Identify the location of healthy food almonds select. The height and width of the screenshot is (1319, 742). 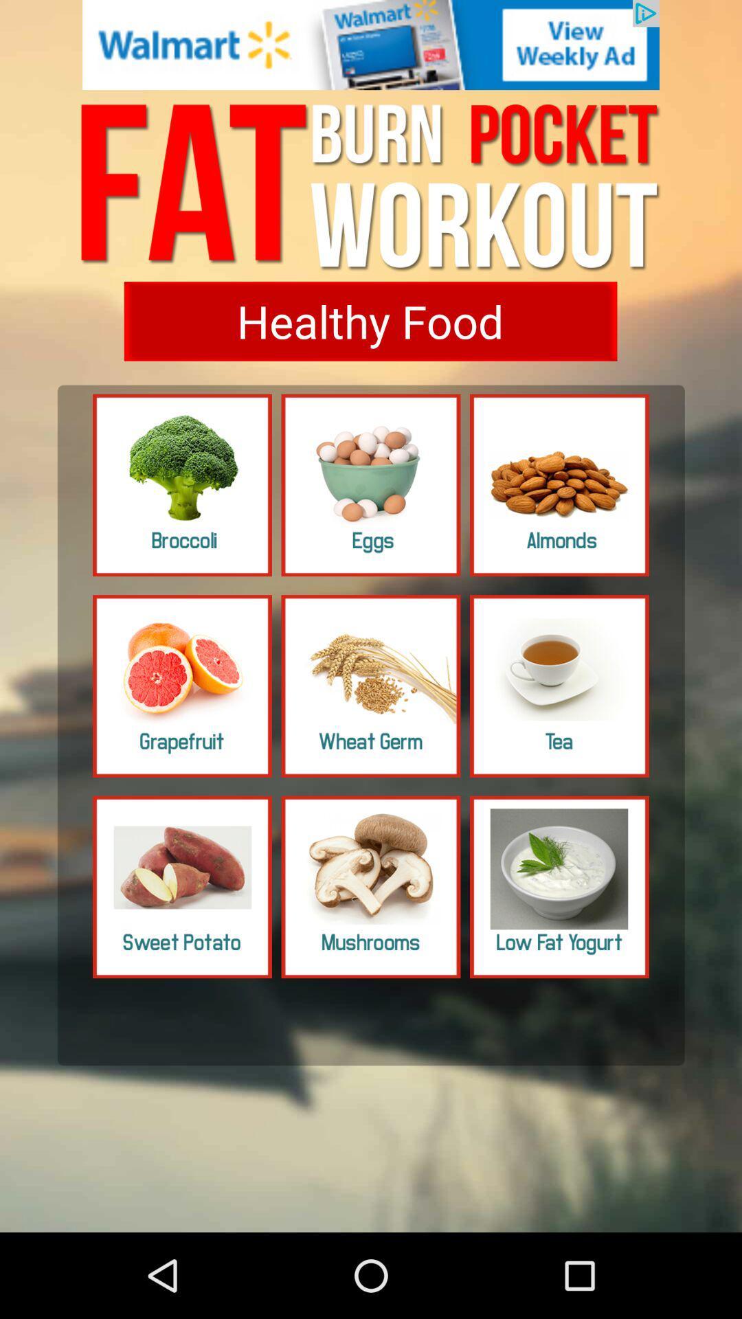
(559, 485).